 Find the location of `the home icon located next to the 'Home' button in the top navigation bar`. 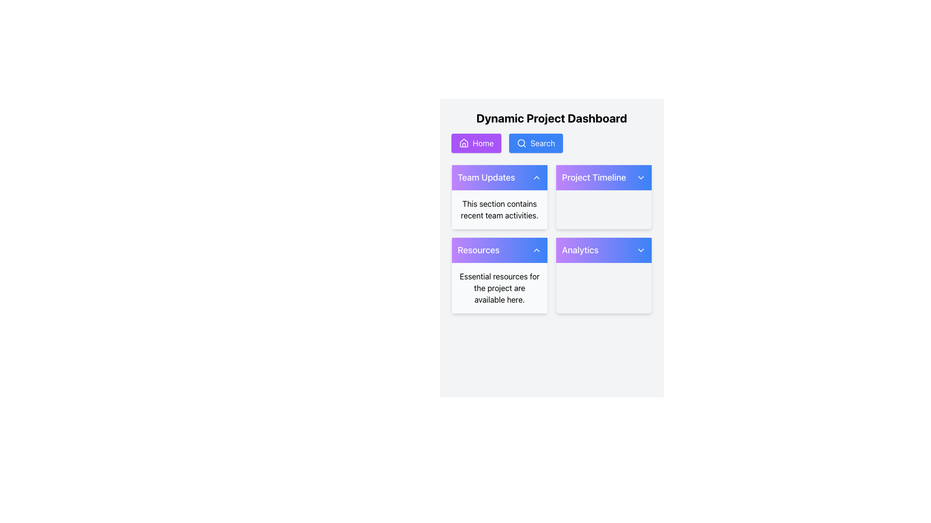

the home icon located next to the 'Home' button in the top navigation bar is located at coordinates (463, 143).